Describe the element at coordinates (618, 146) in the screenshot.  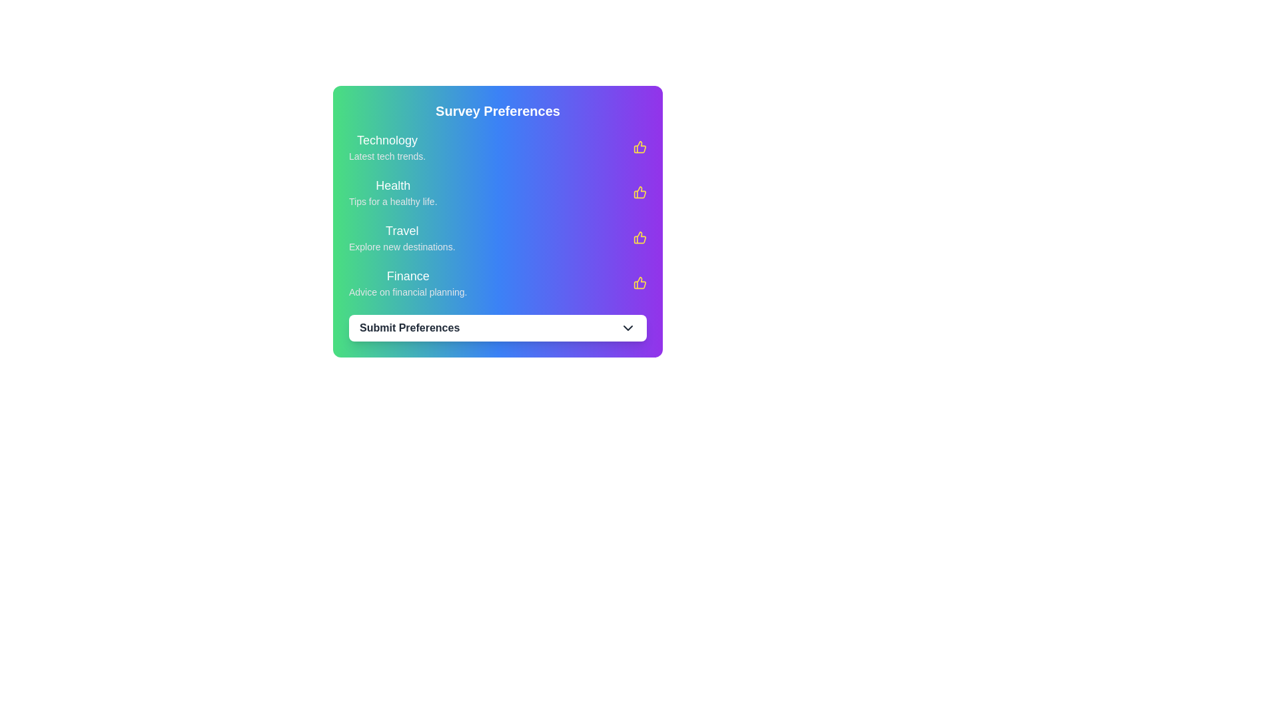
I see `the 'Technology' preference checkbox located in the 'Survey Preferences' section for visual feedback` at that location.